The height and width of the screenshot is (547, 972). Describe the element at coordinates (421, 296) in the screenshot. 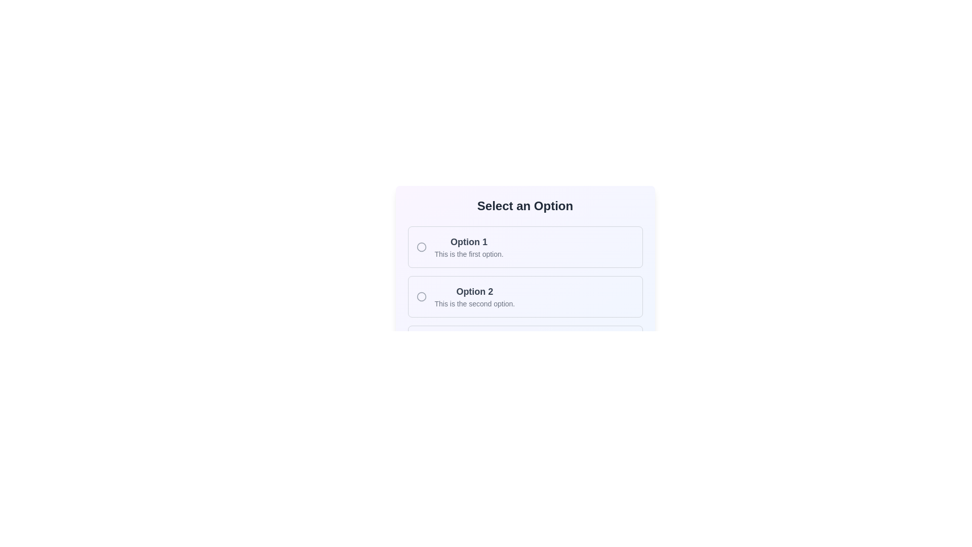

I see `the radio button (circle outline) located to the left of the text 'Option 2'` at that location.